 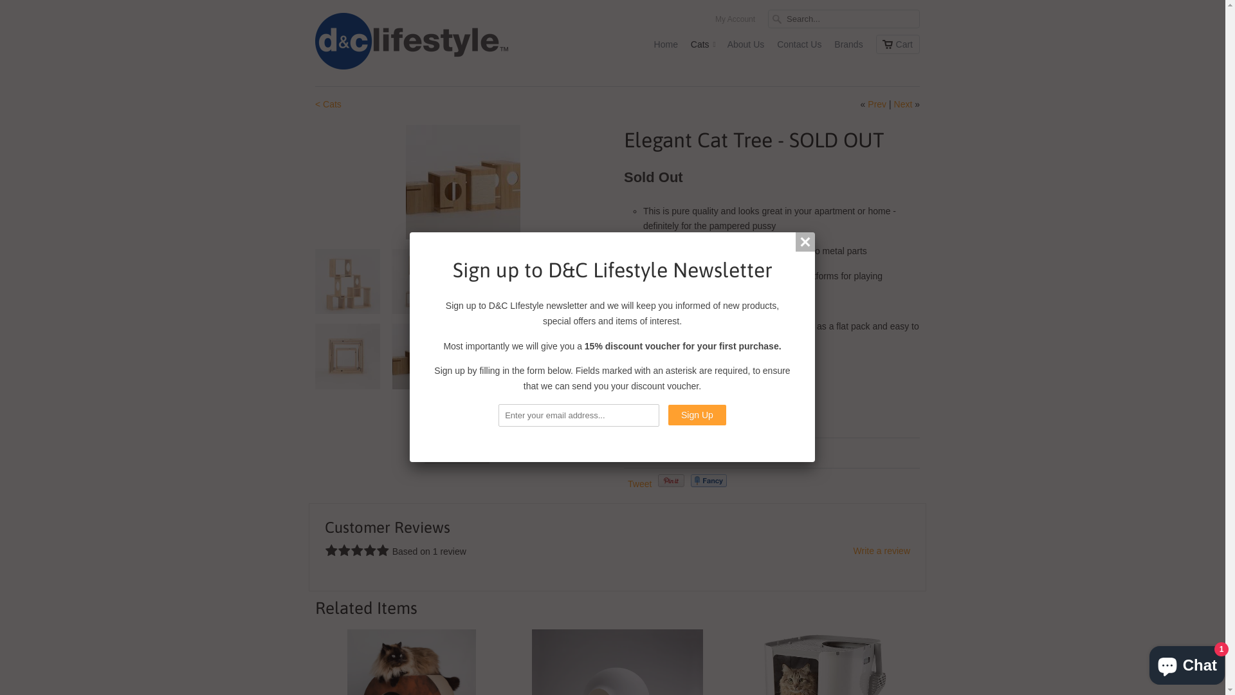 What do you see at coordinates (897, 44) in the screenshot?
I see `'Cart'` at bounding box center [897, 44].